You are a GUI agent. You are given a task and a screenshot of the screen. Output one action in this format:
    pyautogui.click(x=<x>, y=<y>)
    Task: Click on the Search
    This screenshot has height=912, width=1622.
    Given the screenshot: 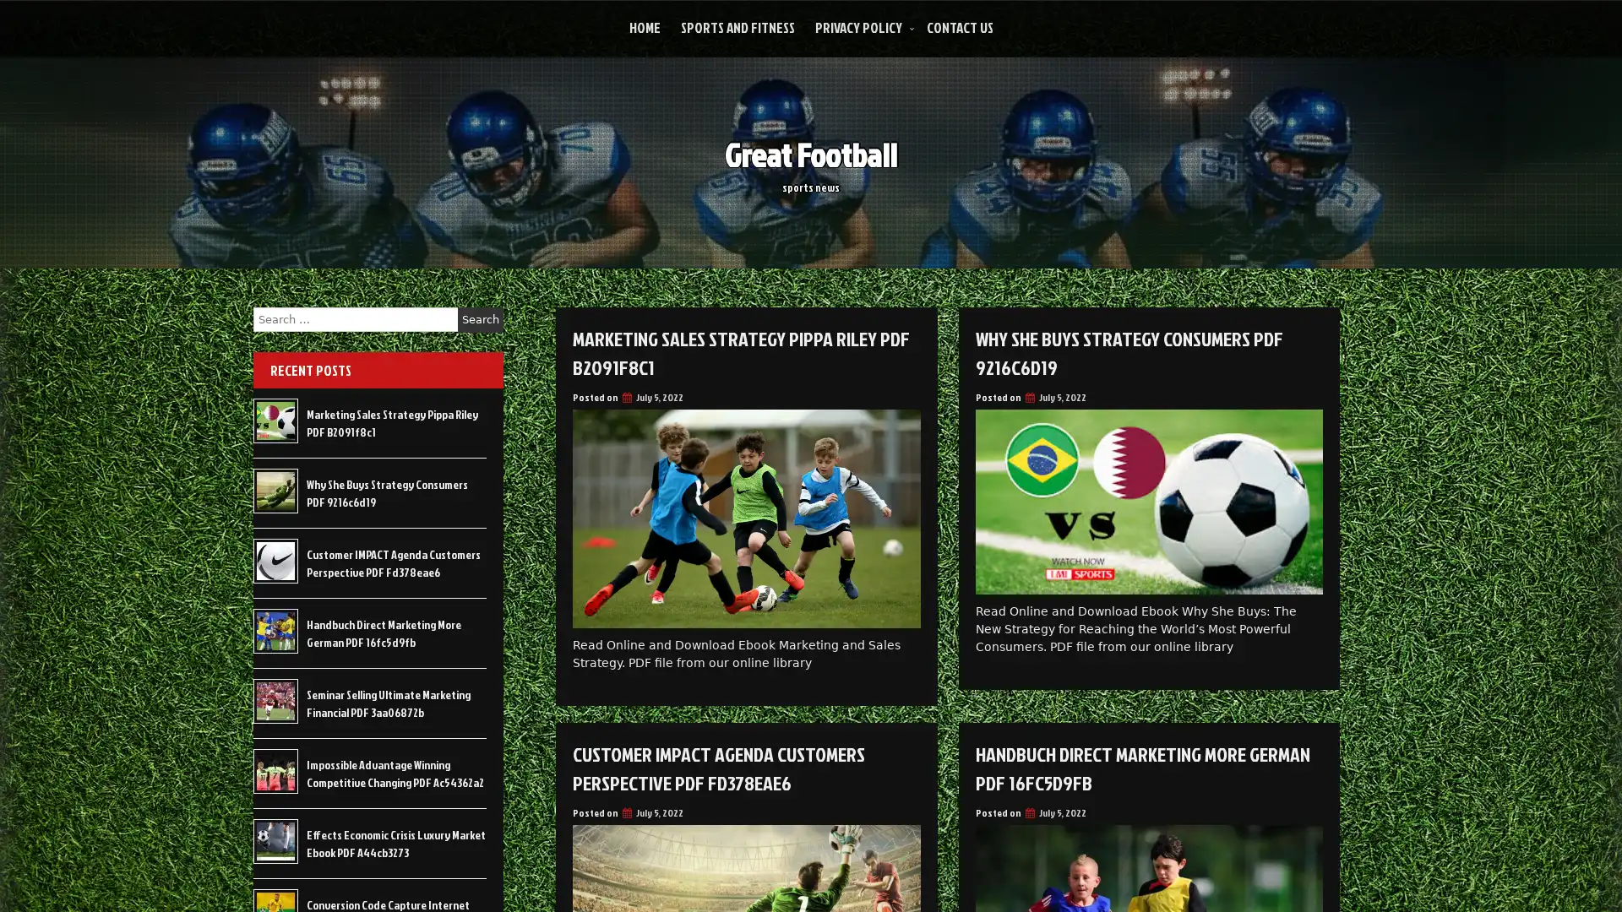 What is the action you would take?
    pyautogui.click(x=480, y=319)
    